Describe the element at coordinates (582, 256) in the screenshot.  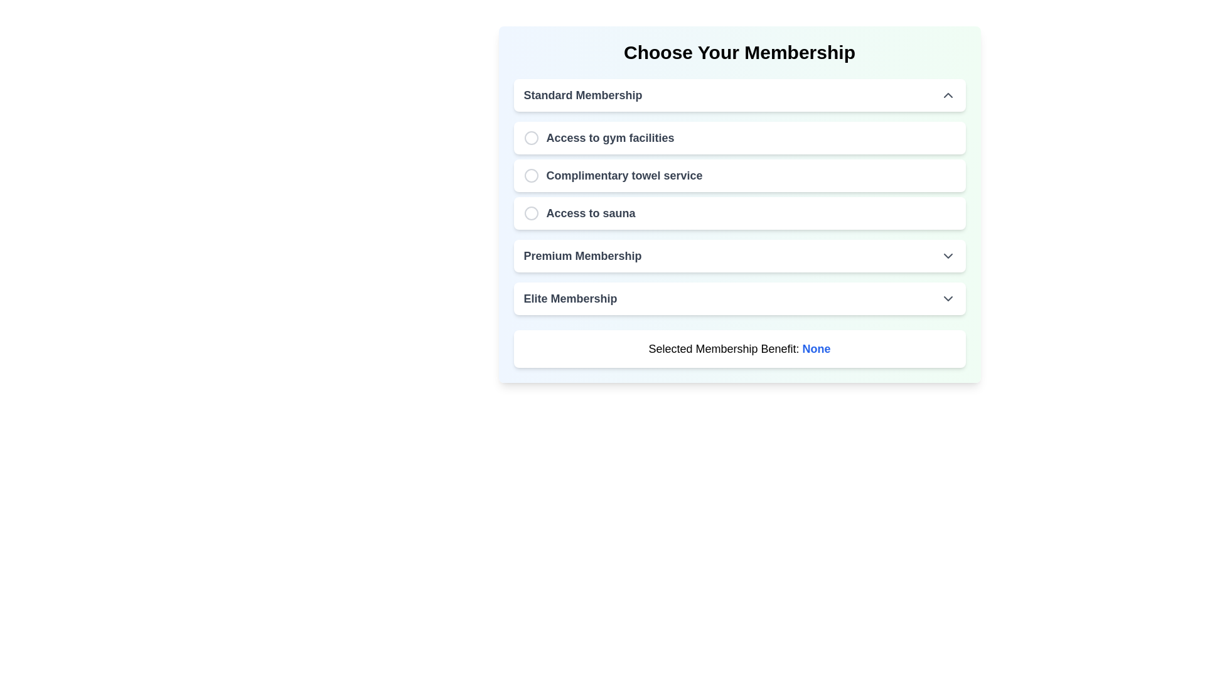
I see `the 'Premium Membership' text label in the membership selection interface, which is located between 'Access to sauna' and 'Elite Membership'` at that location.